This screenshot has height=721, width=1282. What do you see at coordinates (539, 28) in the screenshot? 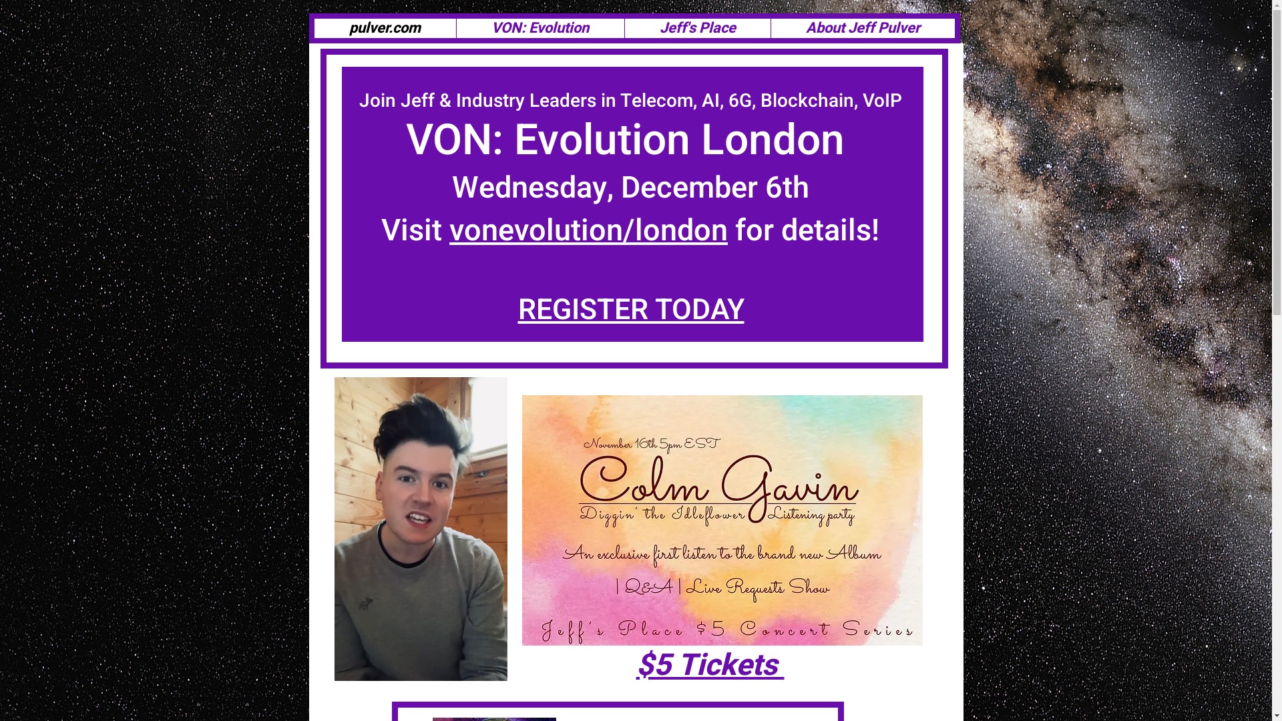
I see `'VON: Evolution'` at bounding box center [539, 28].